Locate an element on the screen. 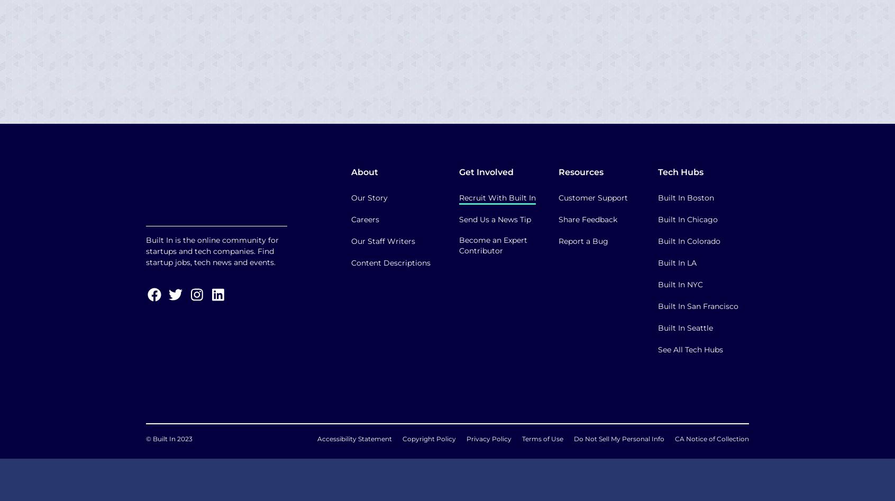  'Careers' is located at coordinates (351, 219).